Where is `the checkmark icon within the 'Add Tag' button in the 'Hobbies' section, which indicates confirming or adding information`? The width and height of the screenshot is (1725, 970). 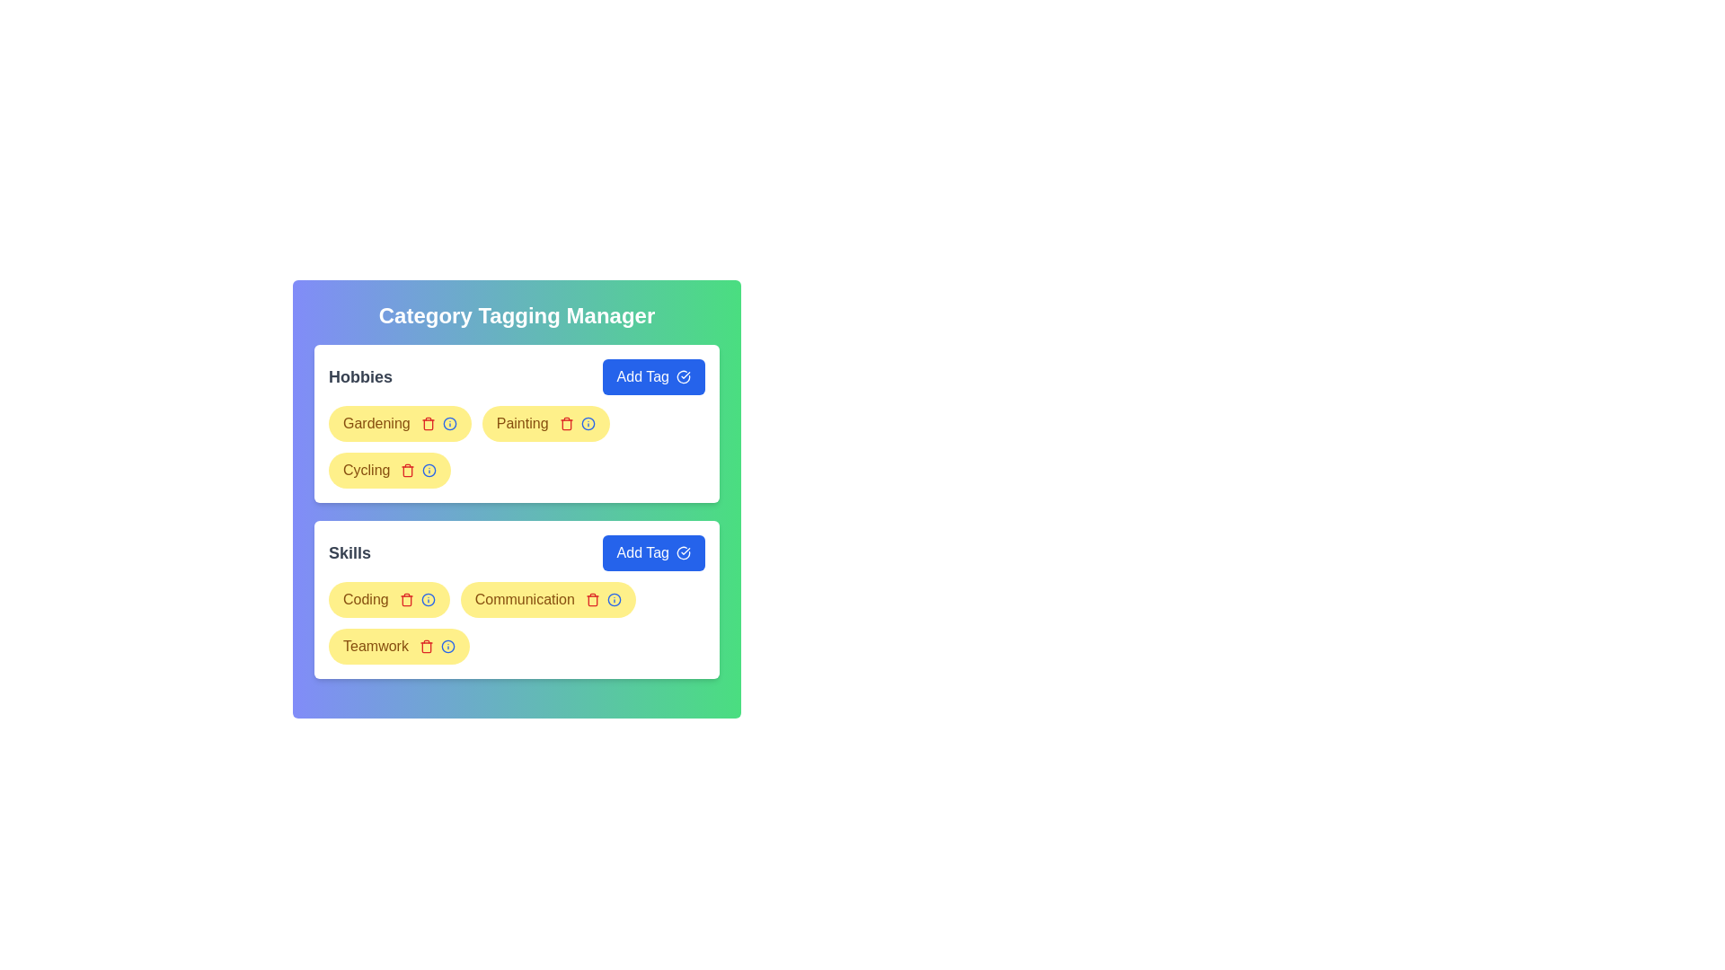
the checkmark icon within the 'Add Tag' button in the 'Hobbies' section, which indicates confirming or adding information is located at coordinates (683, 376).